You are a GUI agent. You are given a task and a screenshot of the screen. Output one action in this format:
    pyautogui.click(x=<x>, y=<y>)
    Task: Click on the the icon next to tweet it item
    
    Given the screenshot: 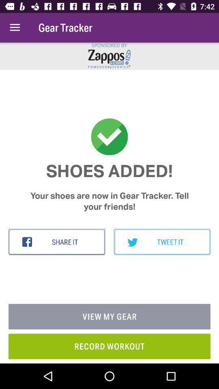 What is the action you would take?
    pyautogui.click(x=56, y=242)
    